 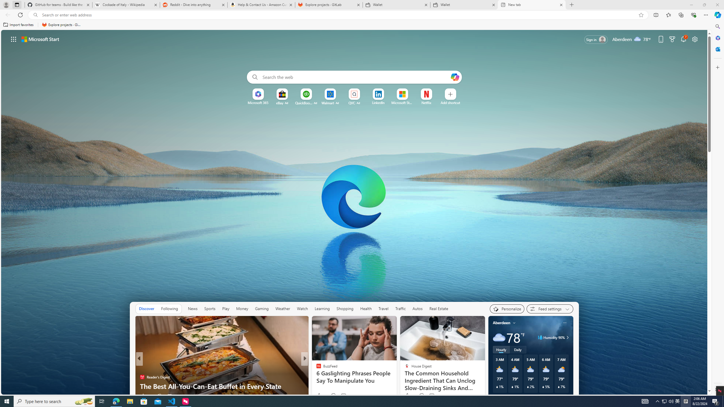 What do you see at coordinates (210, 308) in the screenshot?
I see `'Sports'` at bounding box center [210, 308].